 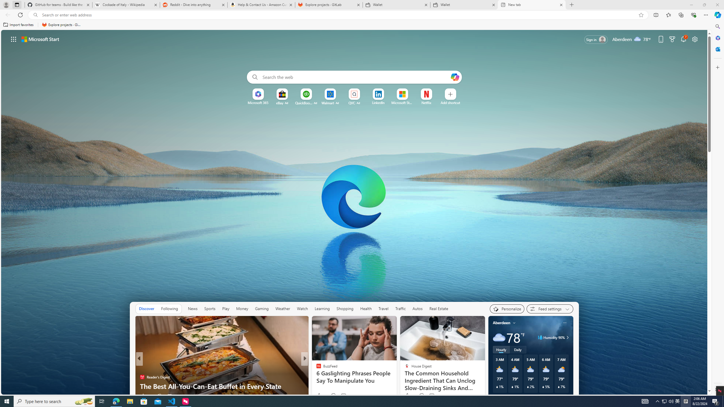 What do you see at coordinates (210, 308) in the screenshot?
I see `'Sports'` at bounding box center [210, 308].